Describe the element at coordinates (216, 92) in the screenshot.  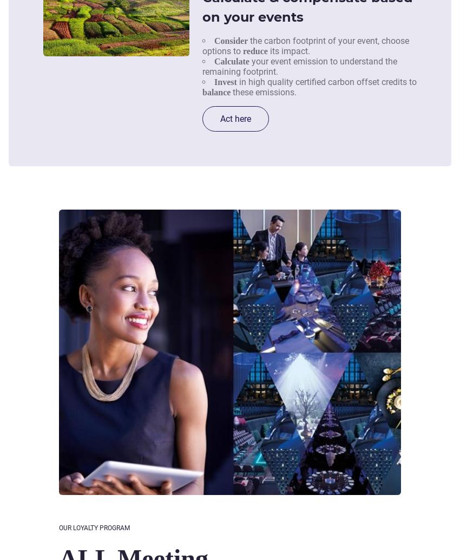
I see `'balance'` at that location.